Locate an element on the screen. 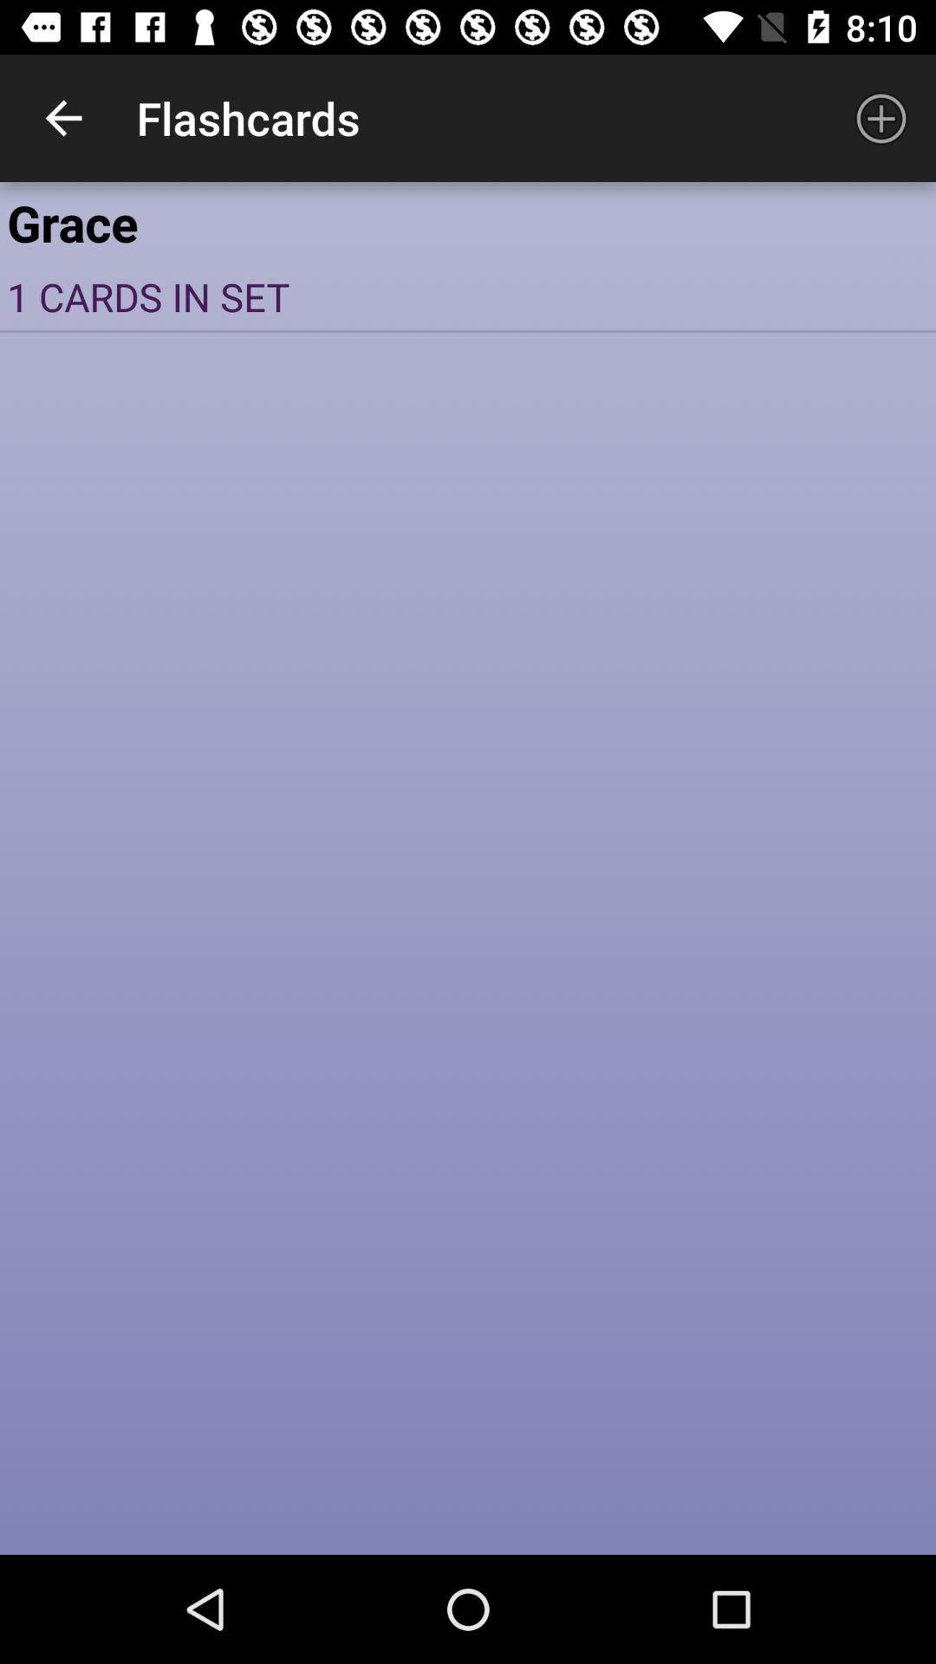 The width and height of the screenshot is (936, 1664). item next to the flashcards app is located at coordinates (881, 117).